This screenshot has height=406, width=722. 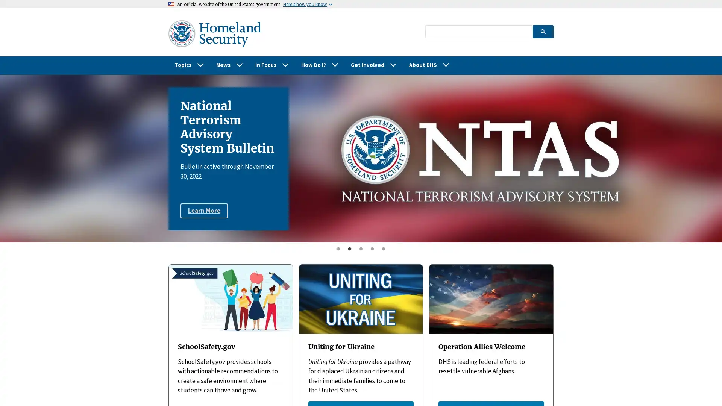 What do you see at coordinates (543, 31) in the screenshot?
I see `search` at bounding box center [543, 31].